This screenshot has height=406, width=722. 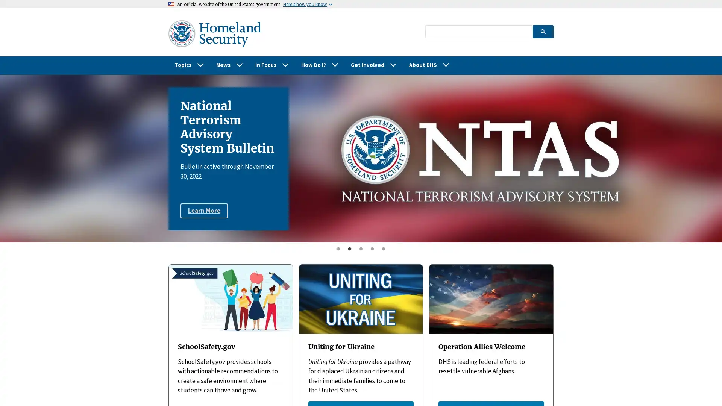 What do you see at coordinates (543, 31) in the screenshot?
I see `search` at bounding box center [543, 31].